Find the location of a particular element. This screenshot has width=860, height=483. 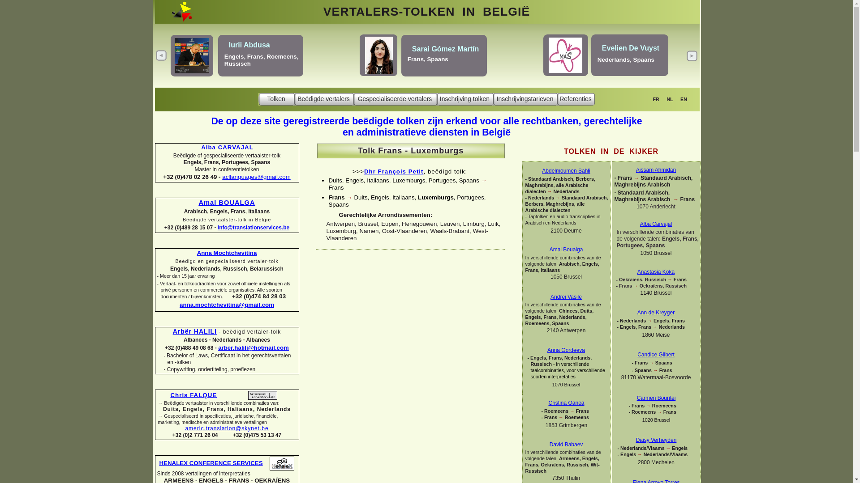

'Alba Carvajal' is located at coordinates (640, 224).